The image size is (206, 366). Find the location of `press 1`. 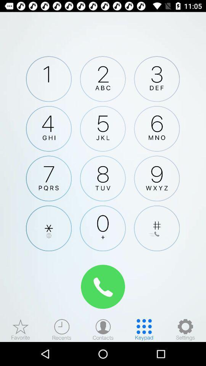

press 1 is located at coordinates (49, 79).